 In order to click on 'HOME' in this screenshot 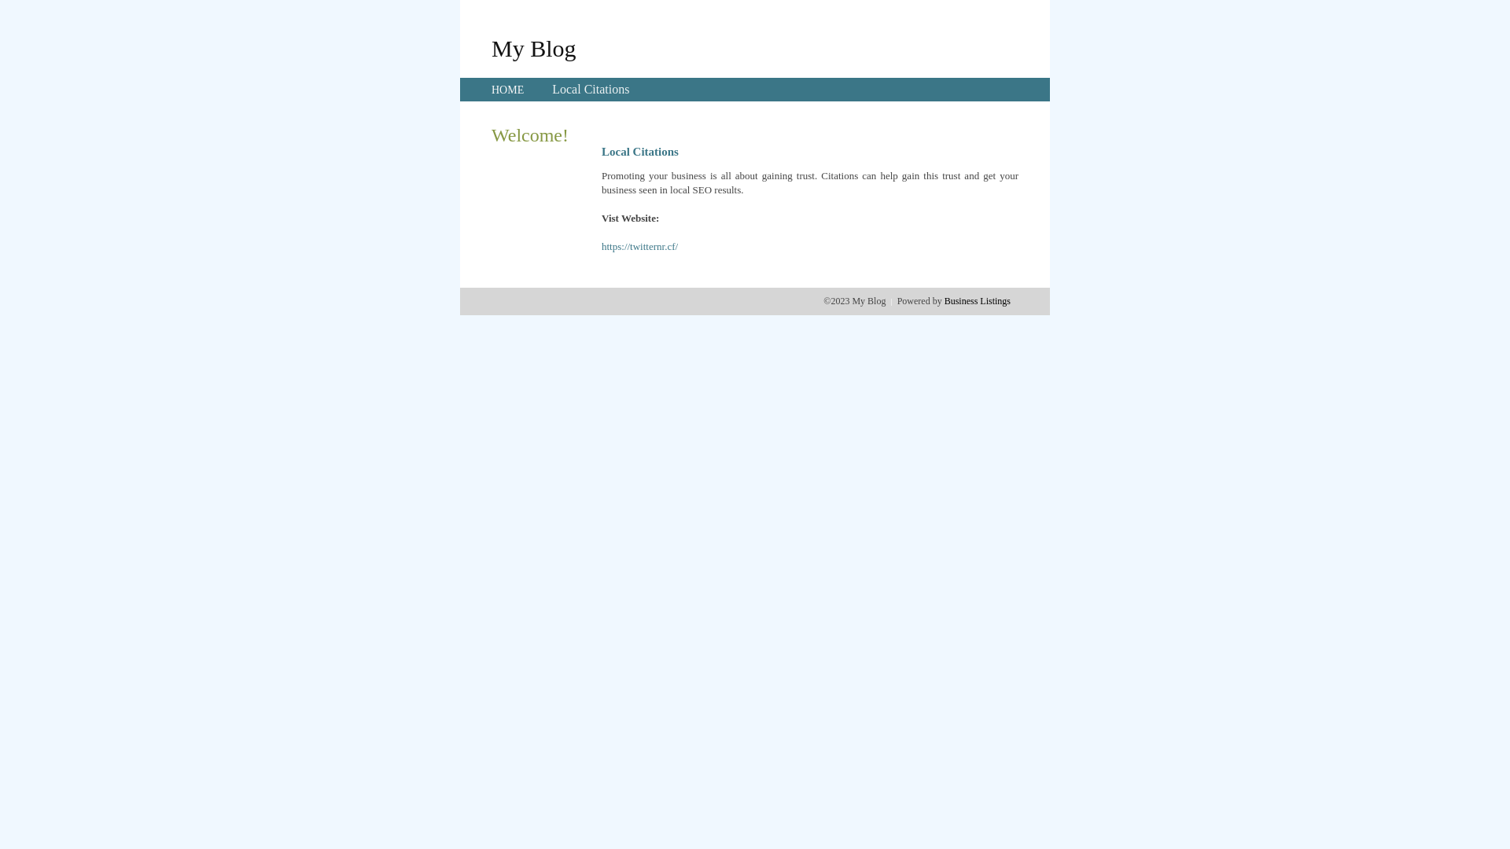, I will do `click(507, 90)`.